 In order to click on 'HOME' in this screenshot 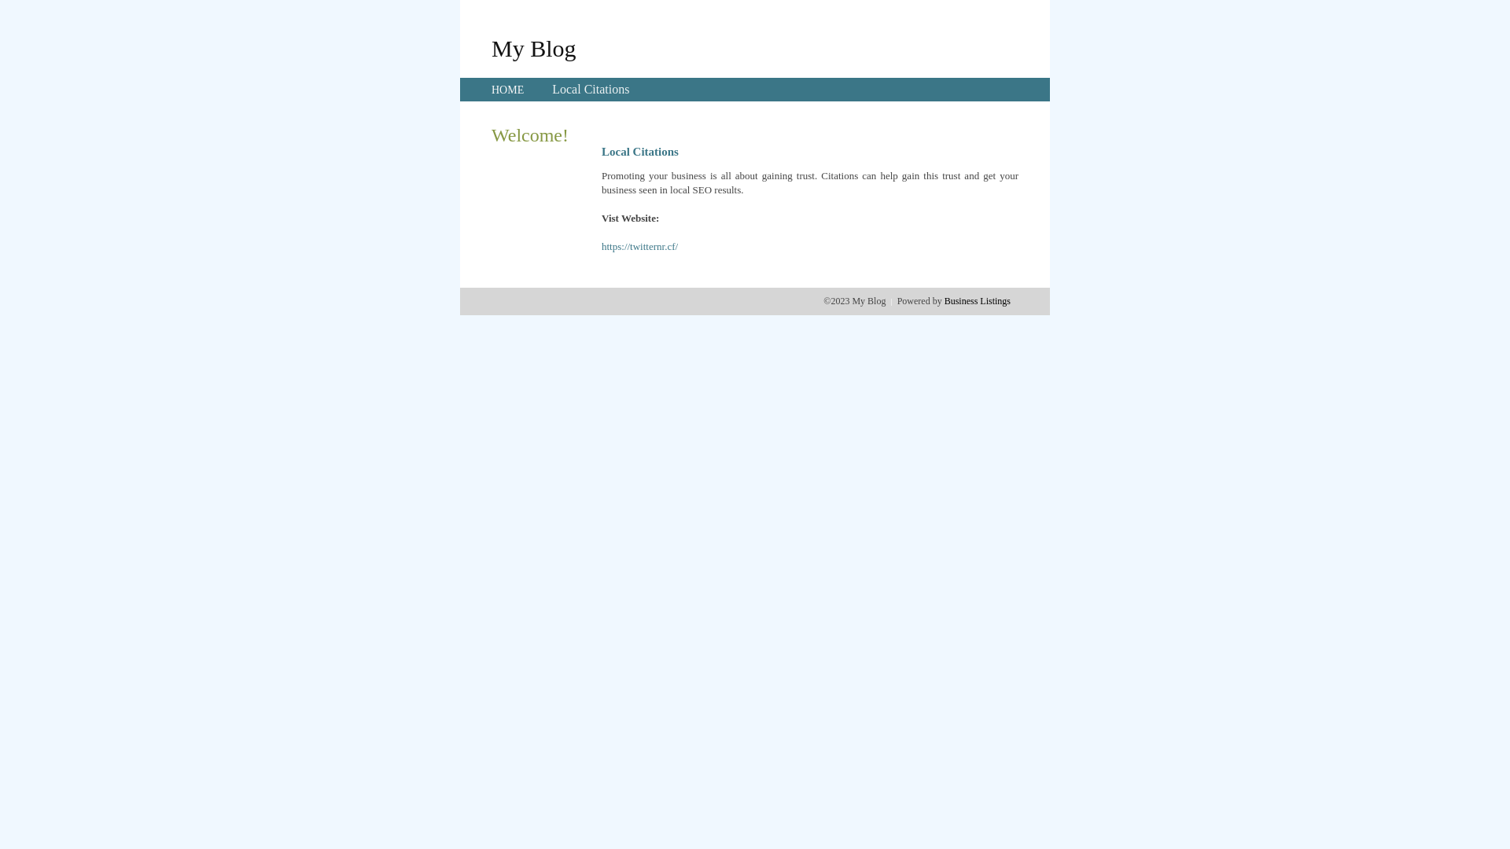, I will do `click(507, 90)`.